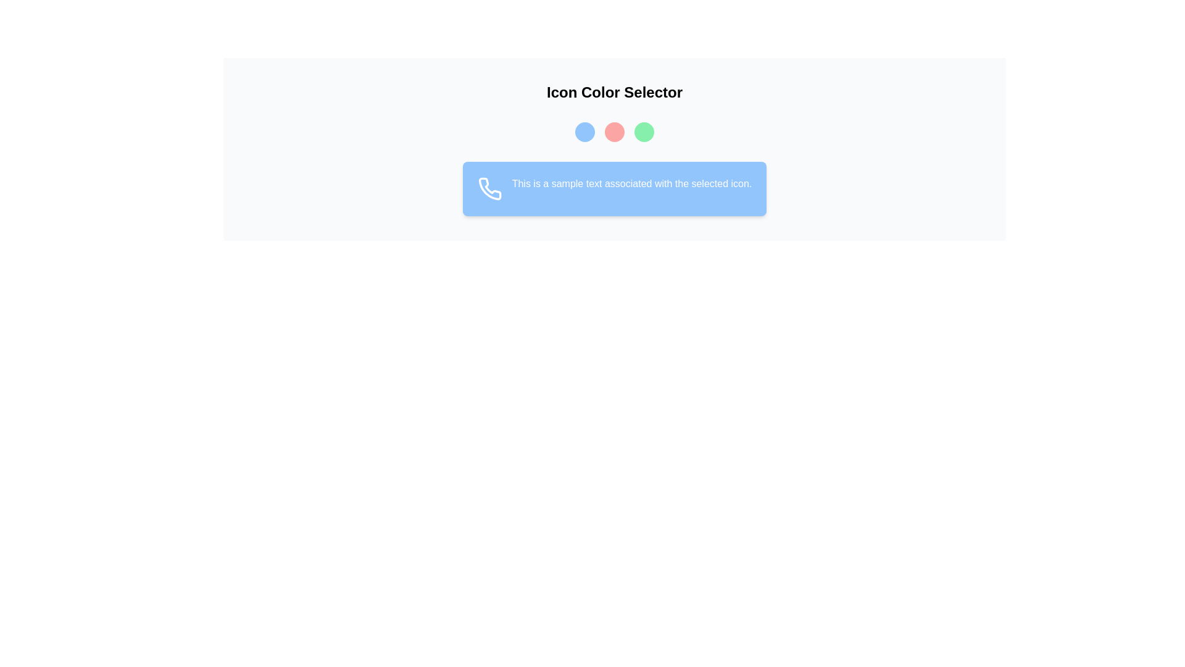 The image size is (1185, 667). I want to click on the call icon located on the leftmost side of the light blue rectangular area, which is directly to the left of the text 'This is a sample text associated with the selected icon.', so click(489, 188).